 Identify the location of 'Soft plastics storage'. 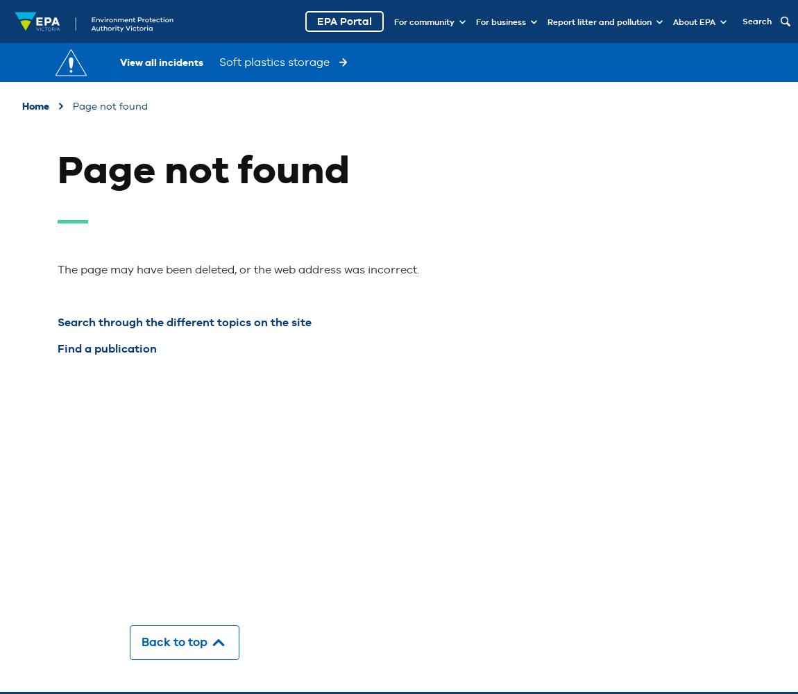
(275, 61).